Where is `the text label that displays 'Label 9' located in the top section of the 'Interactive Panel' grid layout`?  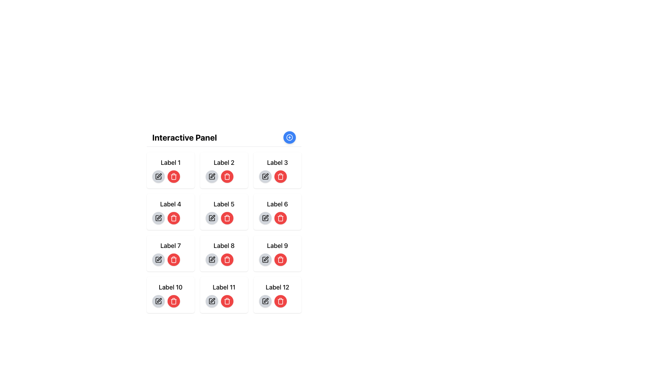 the text label that displays 'Label 9' located in the top section of the 'Interactive Panel' grid layout is located at coordinates (277, 245).